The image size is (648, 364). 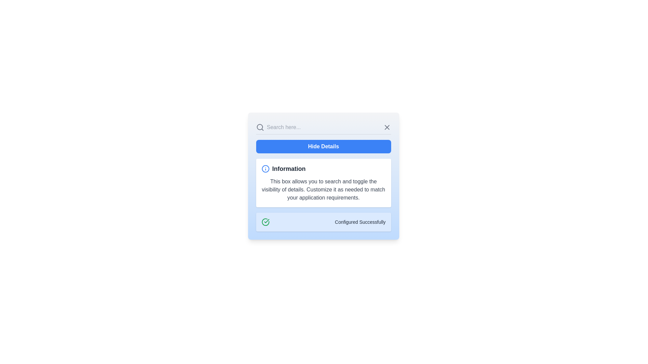 I want to click on the gray search icon styled as a magnifying glass located at the leftmost side of the search bar component, so click(x=260, y=127).